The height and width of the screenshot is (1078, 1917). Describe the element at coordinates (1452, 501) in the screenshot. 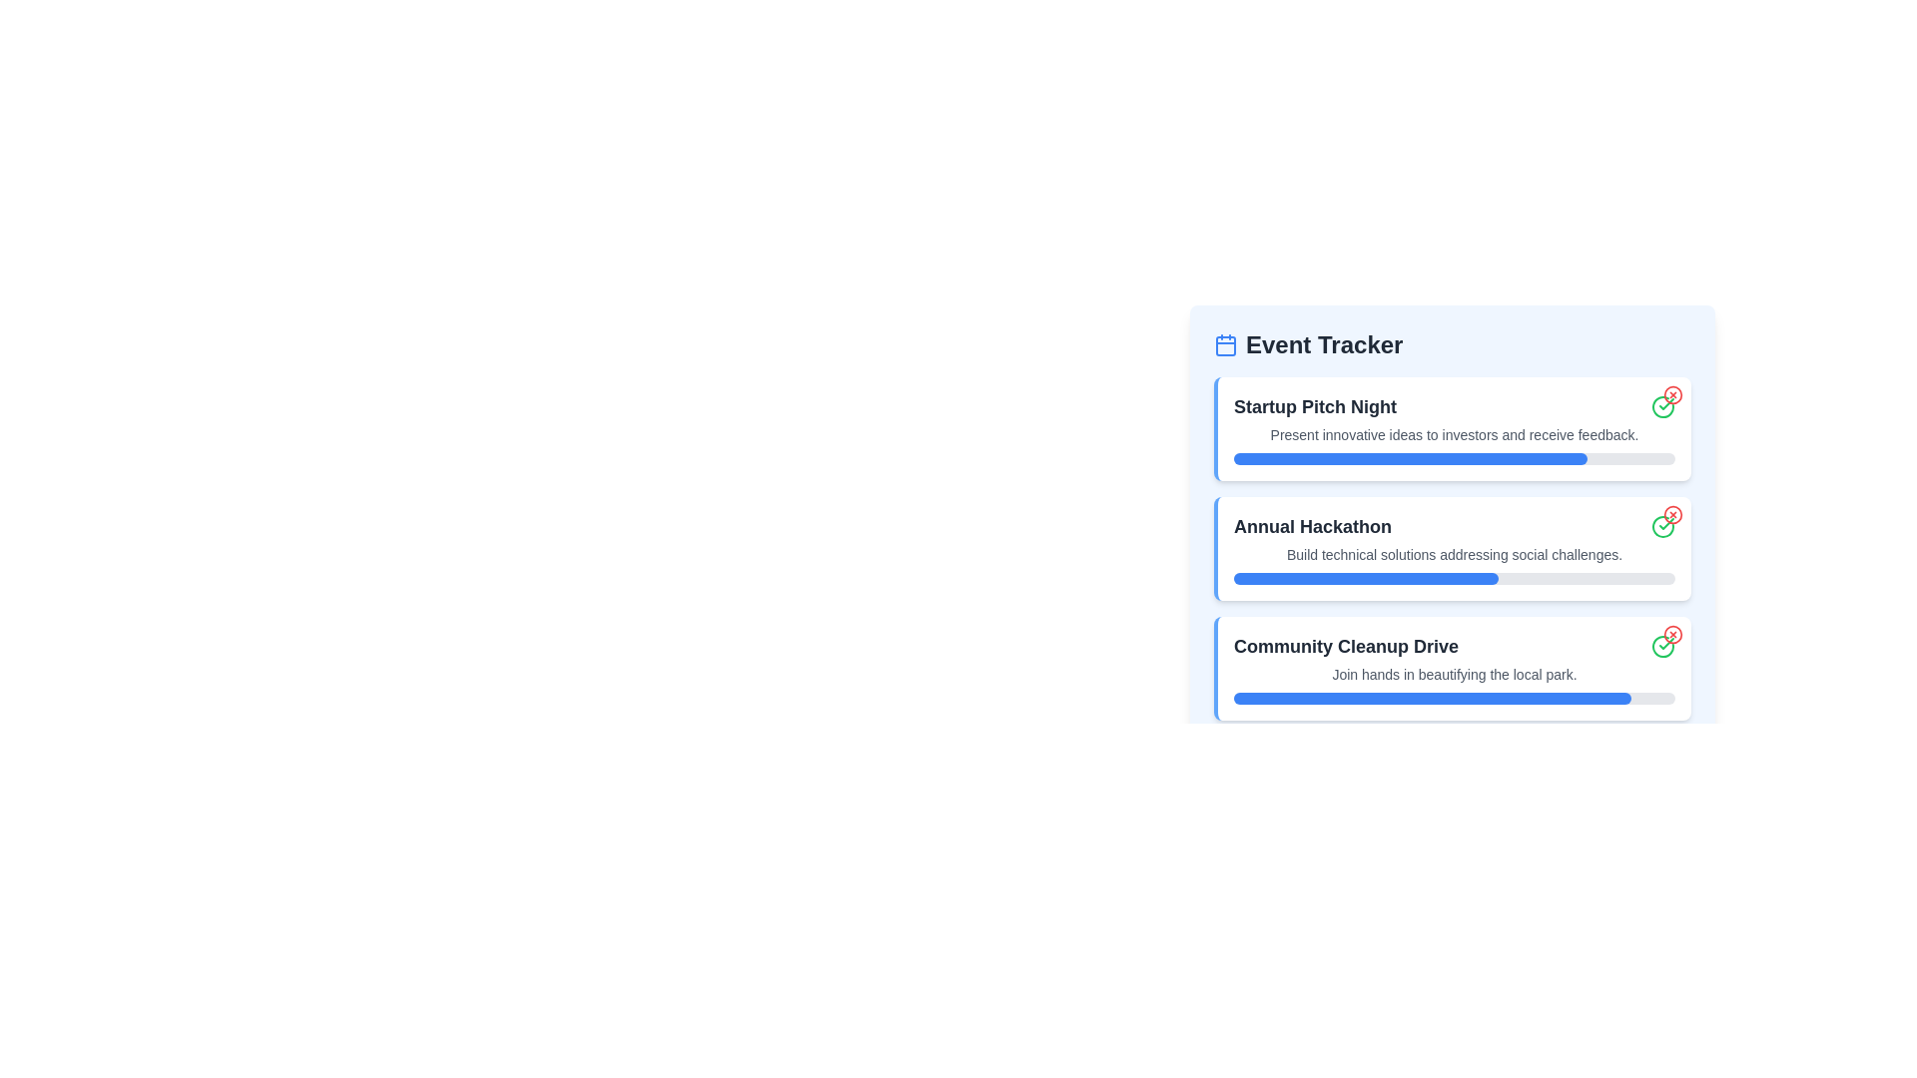

I see `the 'Annual Hackathon' Event Description Card` at that location.